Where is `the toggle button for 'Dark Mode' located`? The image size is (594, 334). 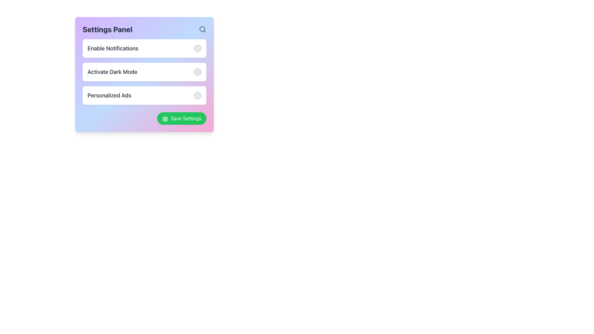 the toggle button for 'Dark Mode' located is located at coordinates (197, 71).